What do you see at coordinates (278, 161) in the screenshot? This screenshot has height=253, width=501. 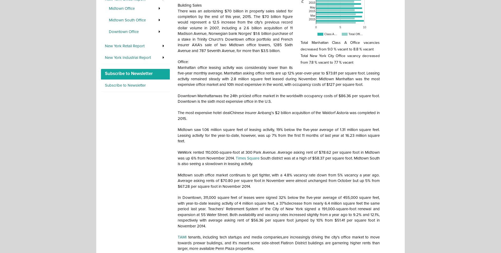 I see `'South district was at a high of $58.37 per square foot. Midtown South is also seeing a slowdown in leasing activity.'` at bounding box center [278, 161].